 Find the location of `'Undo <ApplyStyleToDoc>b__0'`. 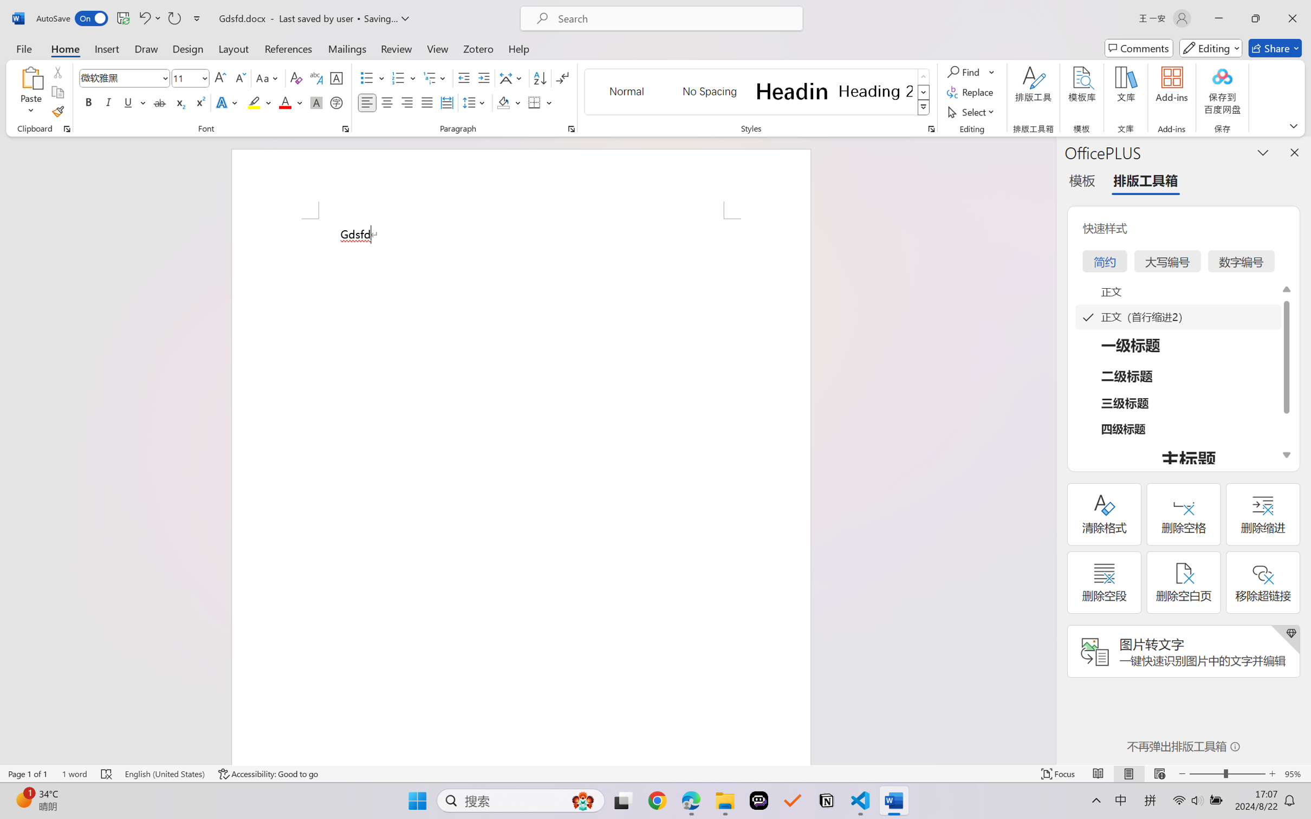

'Undo <ApplyStyleToDoc>b__0' is located at coordinates (148, 18).